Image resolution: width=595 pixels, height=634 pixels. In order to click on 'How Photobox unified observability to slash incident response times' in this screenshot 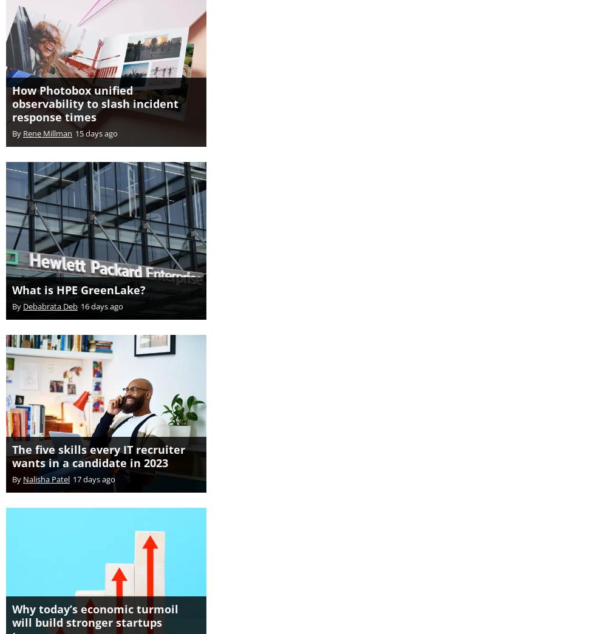, I will do `click(12, 90)`.